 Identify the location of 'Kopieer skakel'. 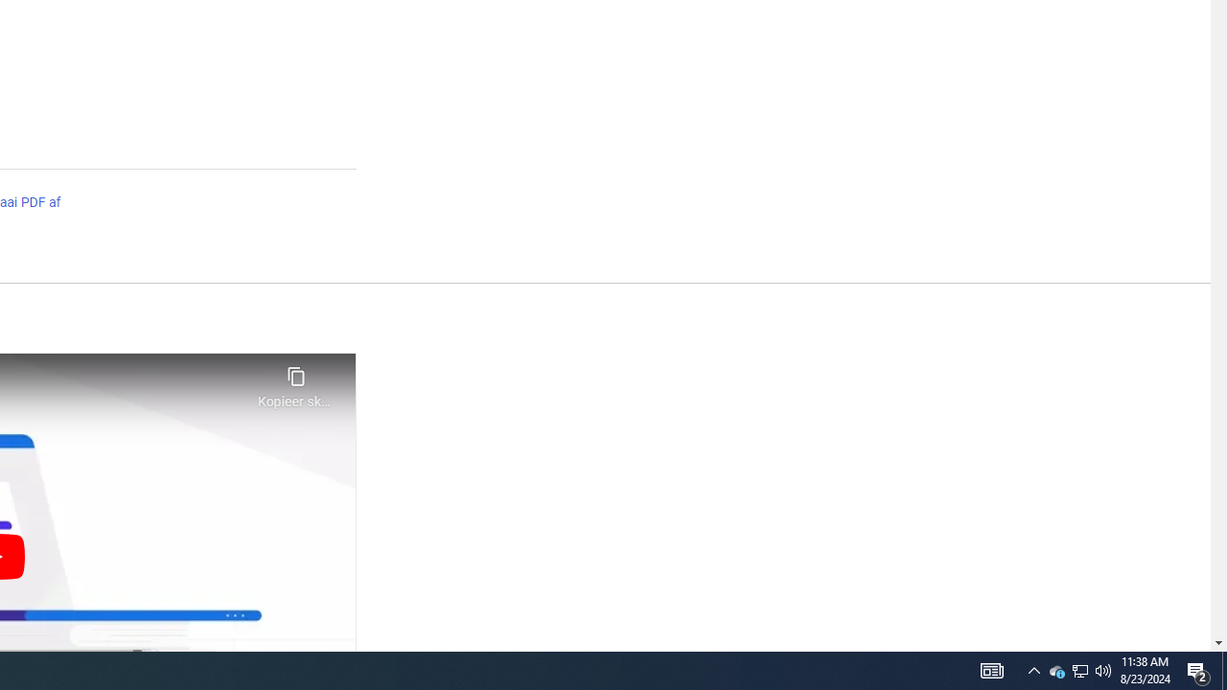
(295, 381).